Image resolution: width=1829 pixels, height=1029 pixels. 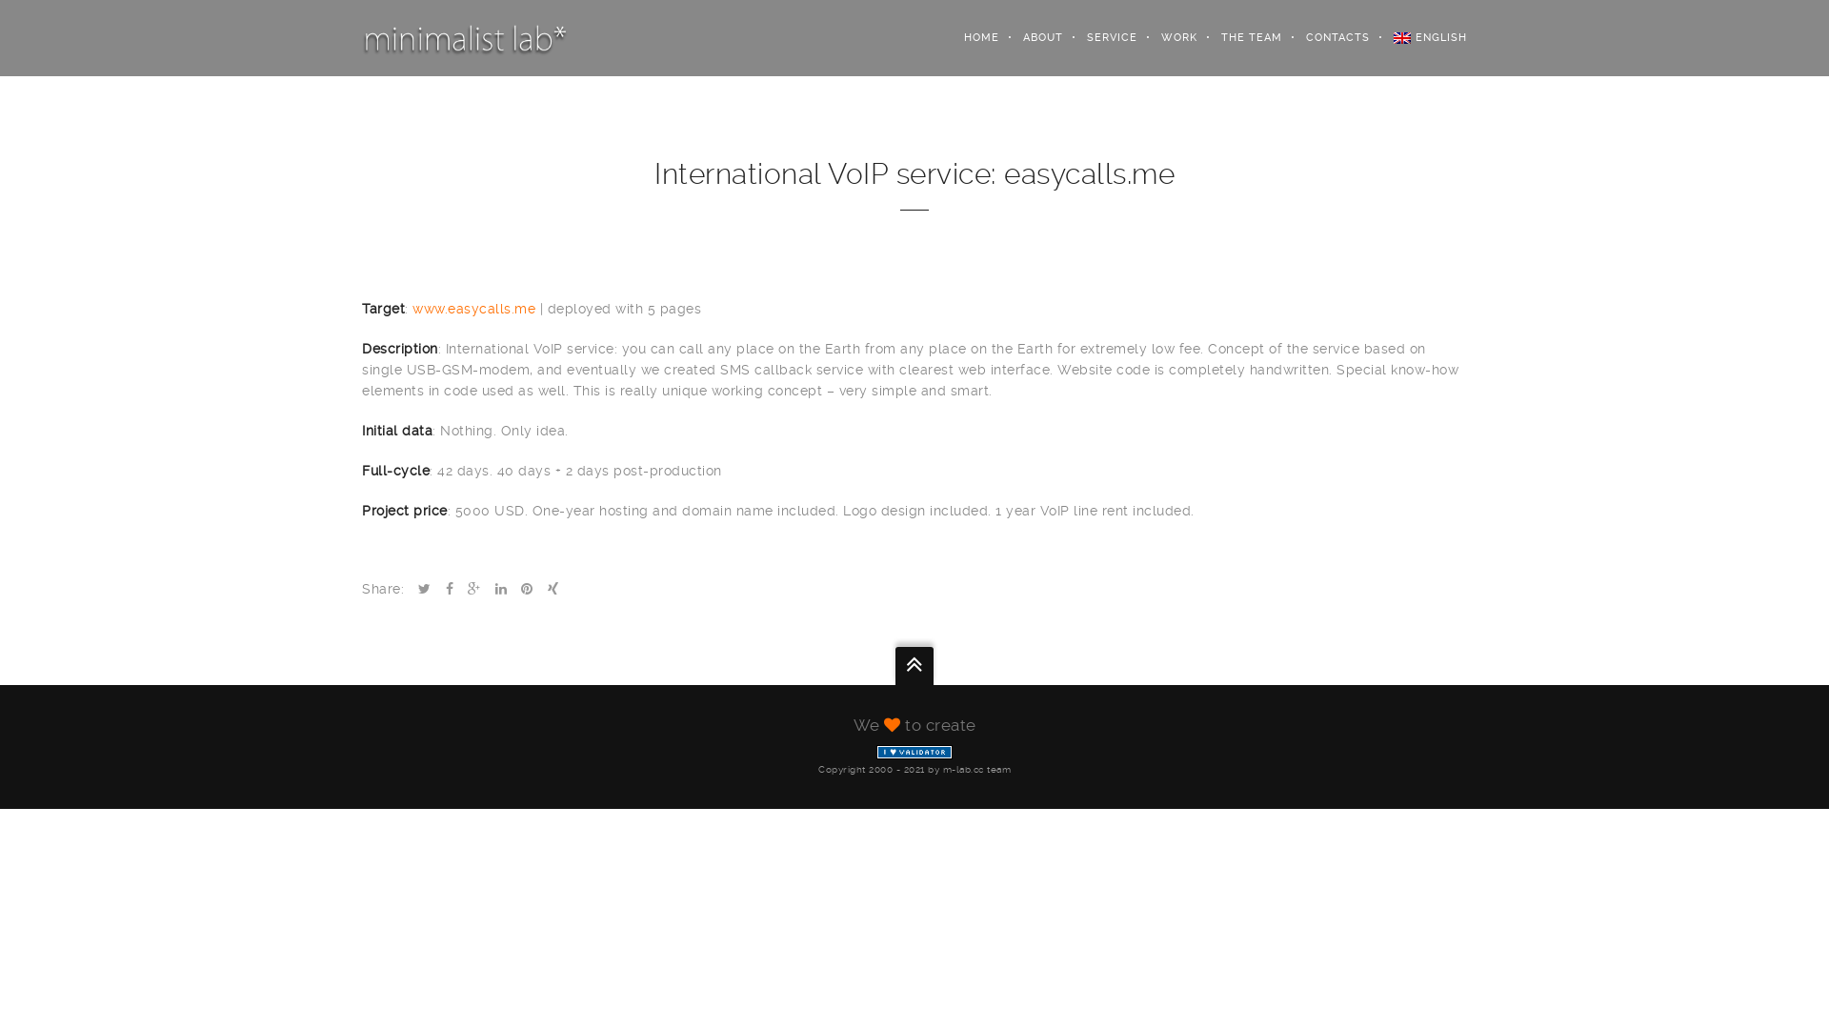 I want to click on 'SERVICE', so click(x=1100, y=37).